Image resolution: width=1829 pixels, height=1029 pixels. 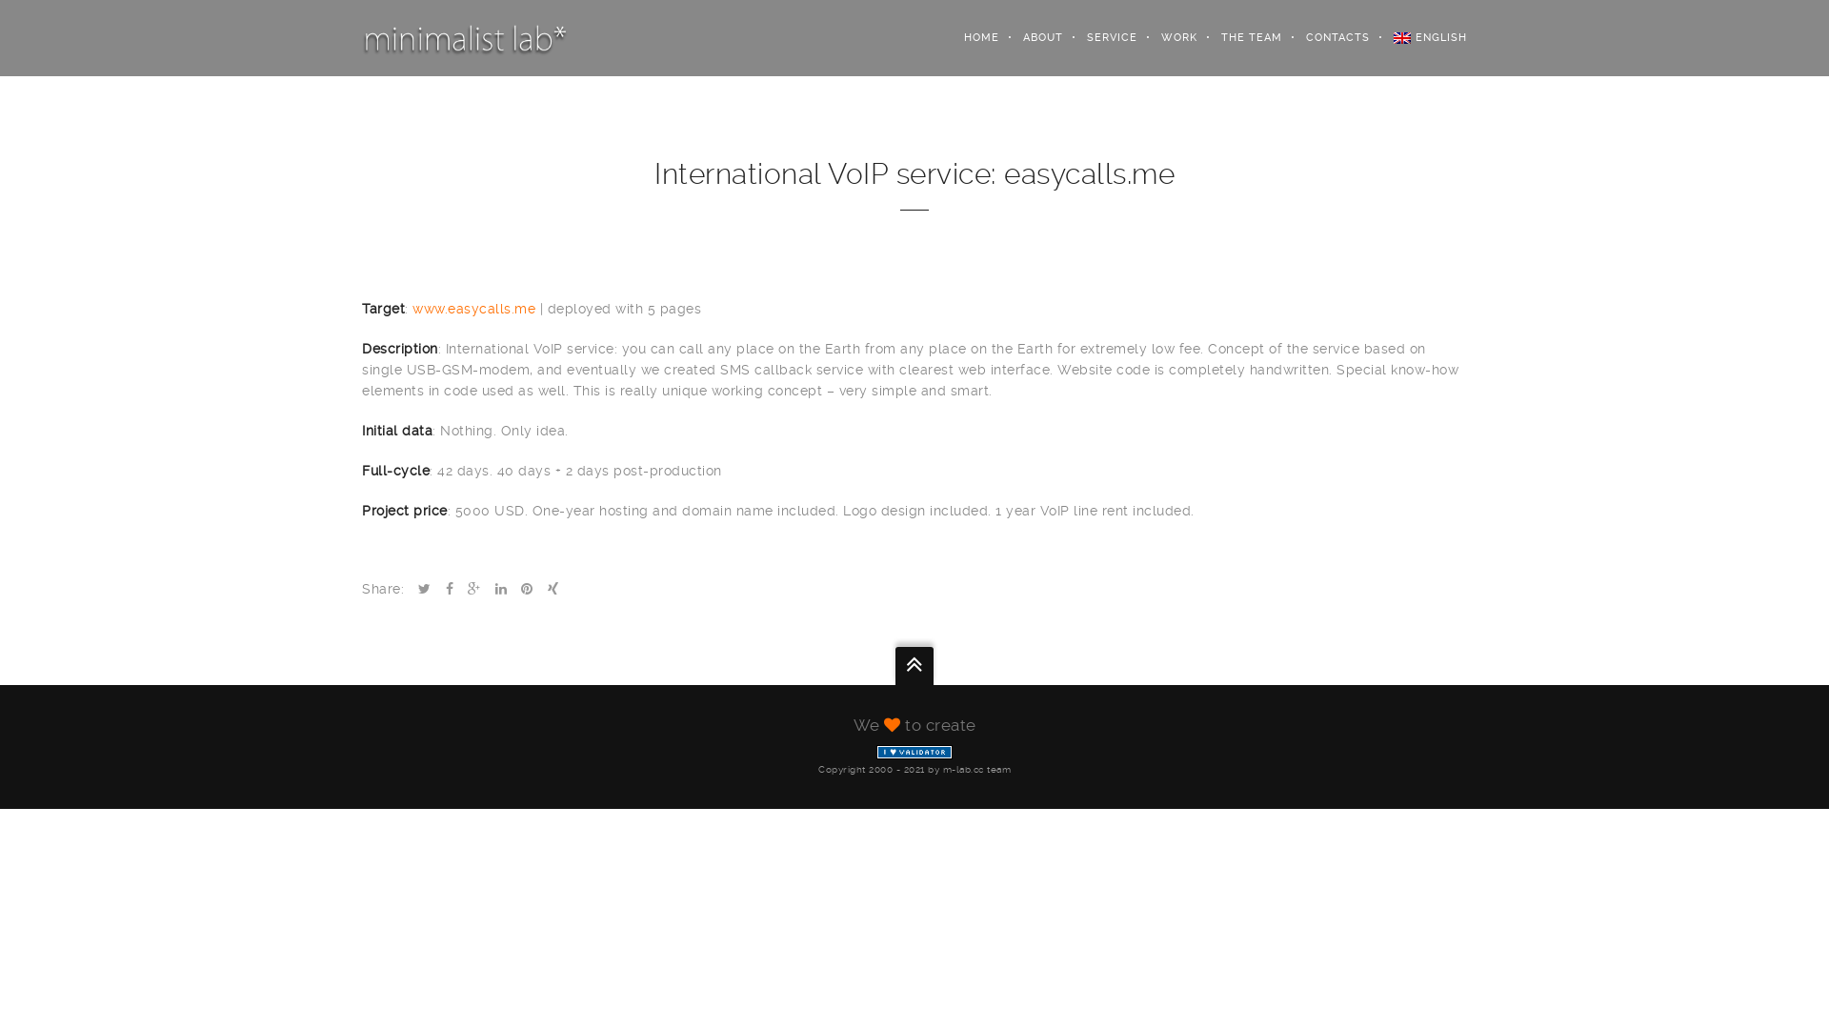 I want to click on 'SERVICE', so click(x=1100, y=37).